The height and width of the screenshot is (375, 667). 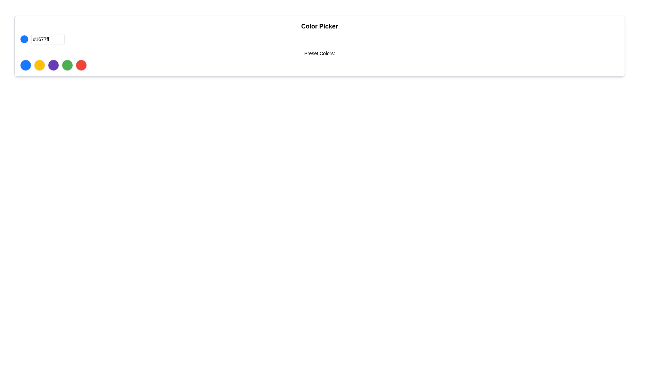 I want to click on the circular yellow button, which is the second in a row of five buttons, so click(x=39, y=65).